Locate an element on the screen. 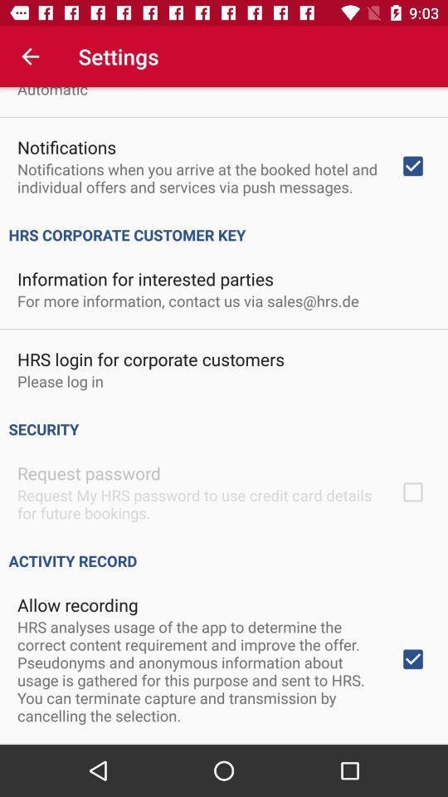  previous page is located at coordinates (30, 56).